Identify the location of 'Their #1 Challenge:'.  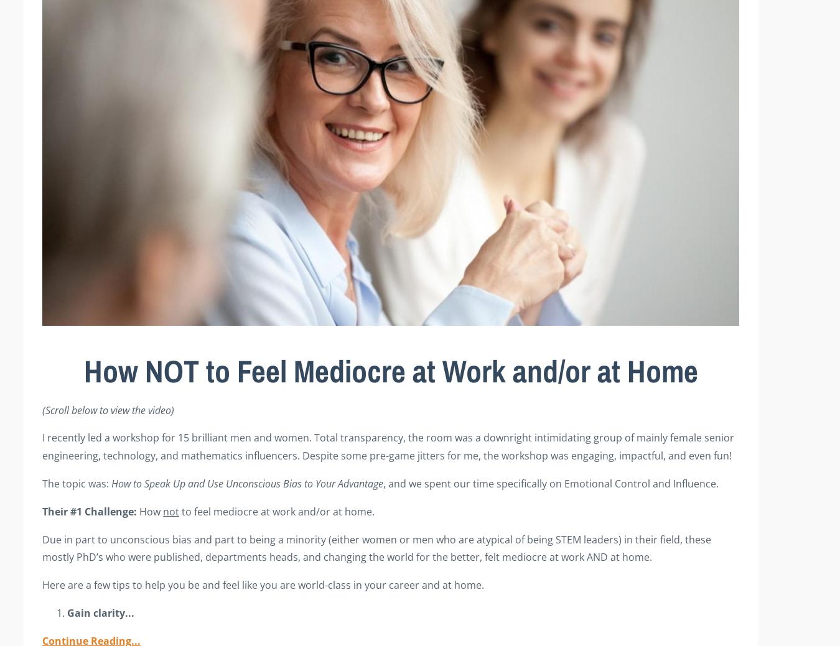
(90, 510).